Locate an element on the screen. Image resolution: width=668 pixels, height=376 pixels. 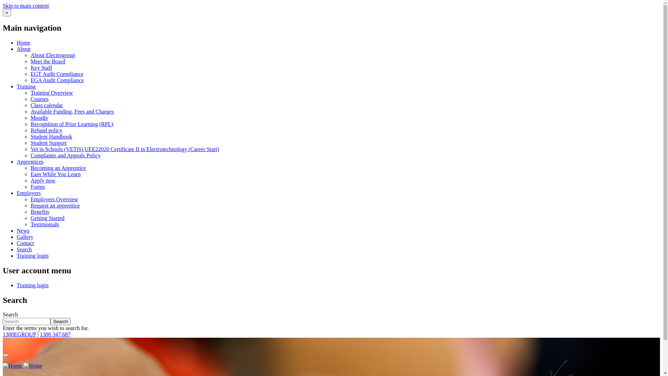
'Employers' is located at coordinates (28, 193).